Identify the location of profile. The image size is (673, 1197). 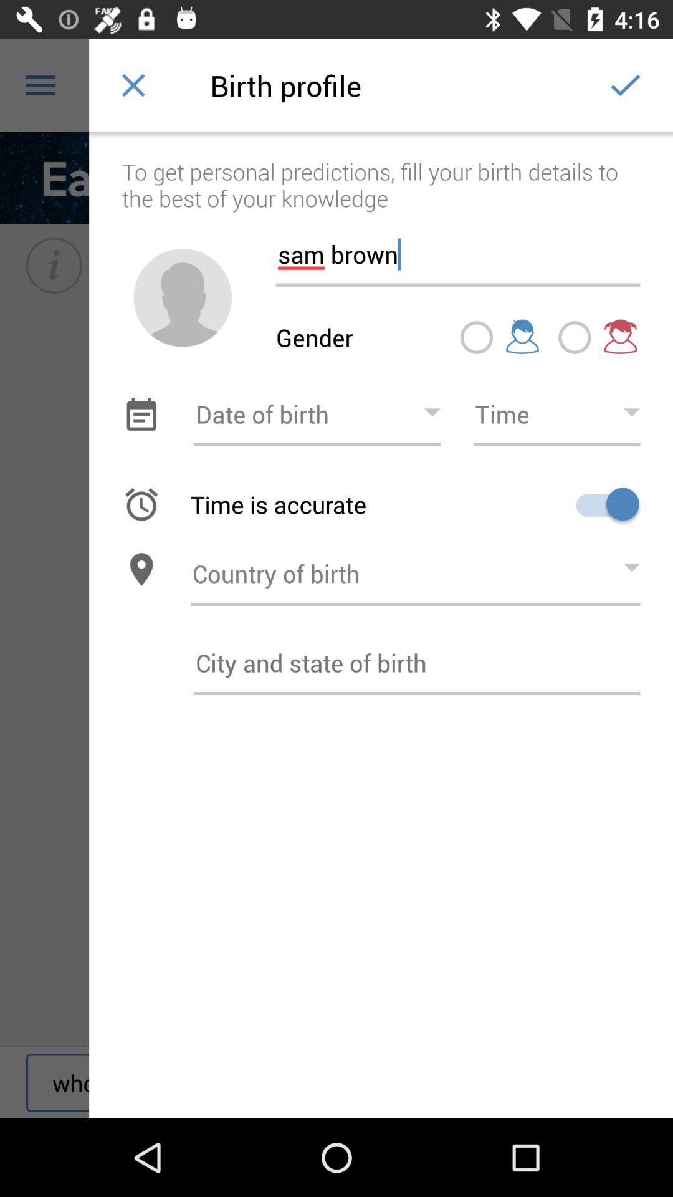
(183, 297).